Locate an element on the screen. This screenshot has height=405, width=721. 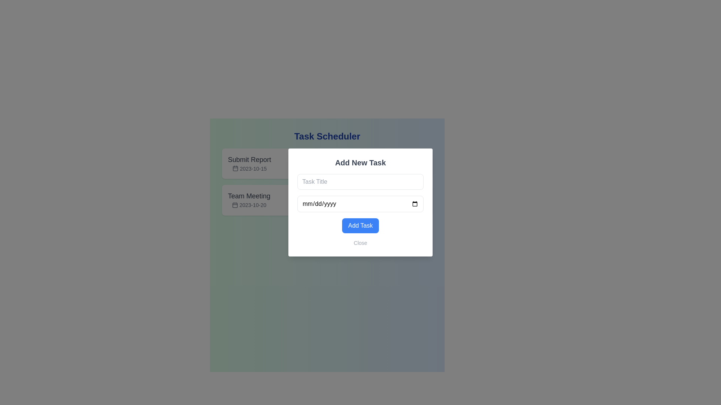
the bold, large-sized text label reading 'Add New Task' located at the top of the modal dialog box is located at coordinates (360, 162).